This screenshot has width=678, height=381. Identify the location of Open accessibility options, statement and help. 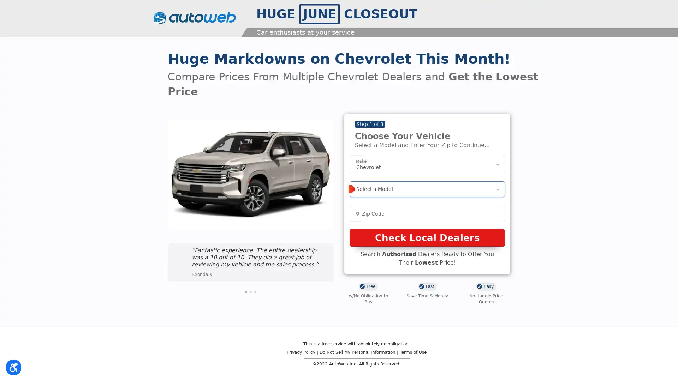
(15, 365).